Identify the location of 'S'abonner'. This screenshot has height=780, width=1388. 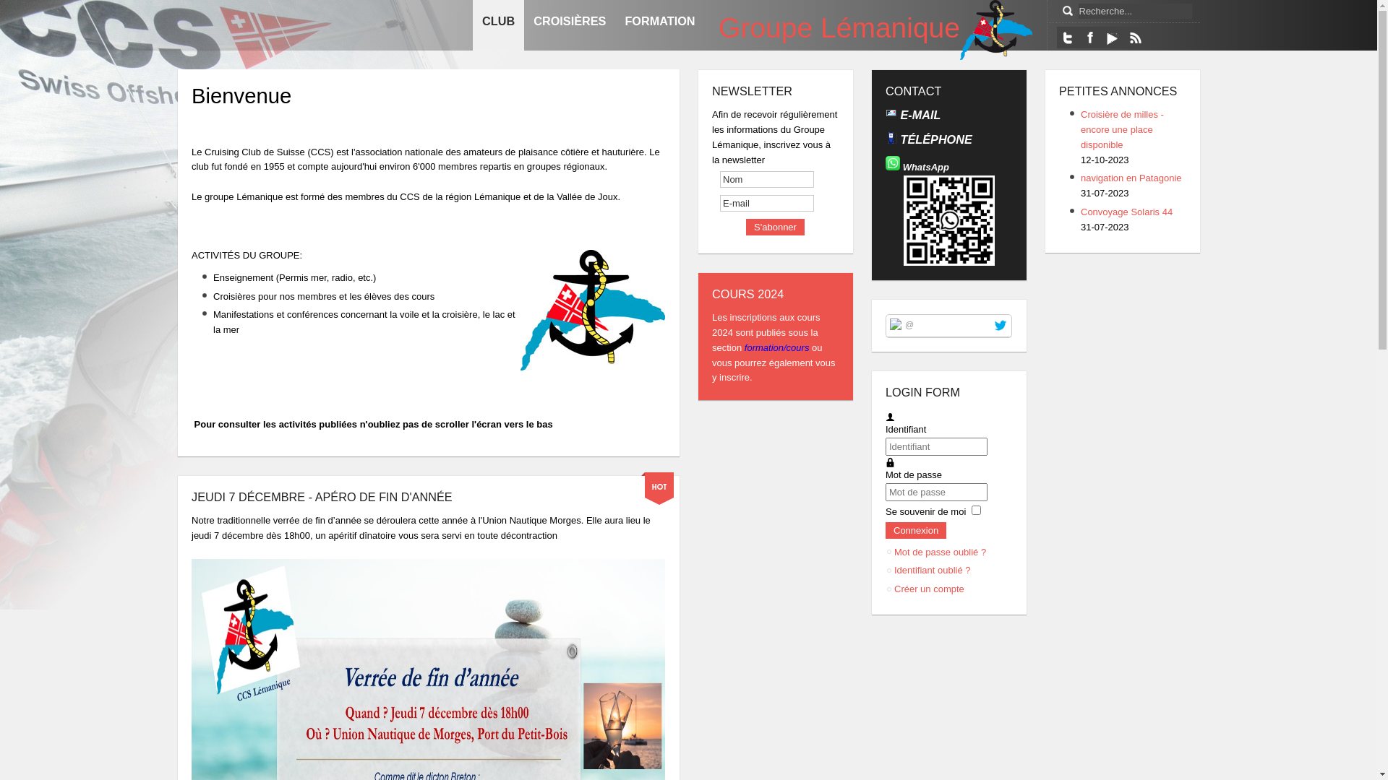
(774, 227).